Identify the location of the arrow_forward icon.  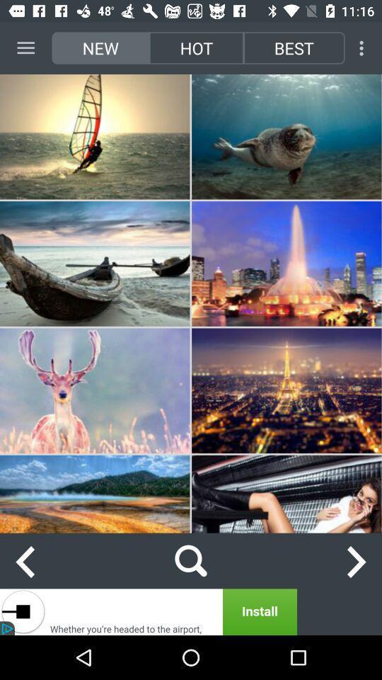
(357, 561).